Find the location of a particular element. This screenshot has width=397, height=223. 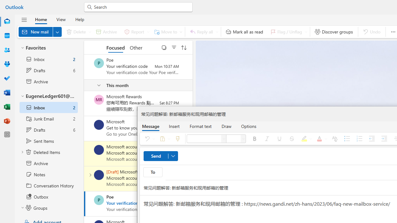

'Font' is located at coordinates (223, 138).